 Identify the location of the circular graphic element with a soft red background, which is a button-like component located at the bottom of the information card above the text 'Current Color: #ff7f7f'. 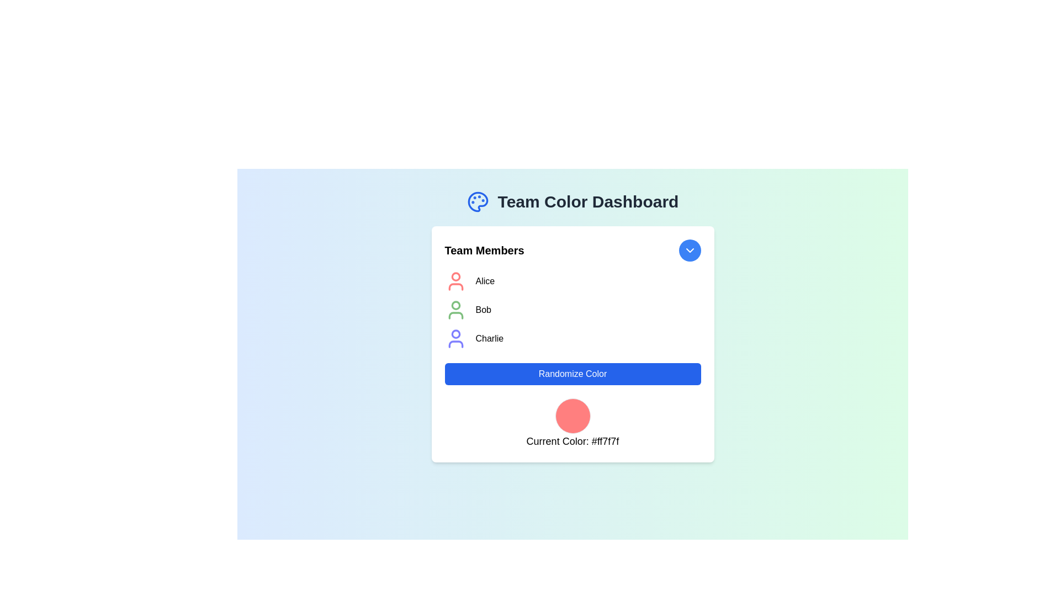
(573, 416).